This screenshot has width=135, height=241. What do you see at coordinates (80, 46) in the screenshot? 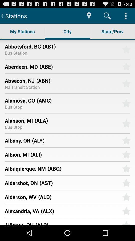
I see `the icon next to abbotsford, bc` at bounding box center [80, 46].